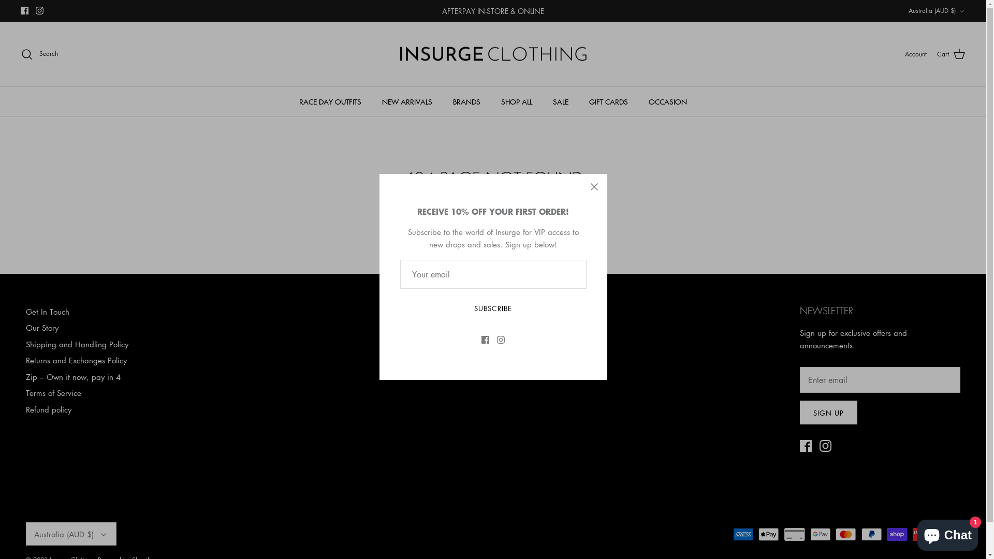 Image resolution: width=994 pixels, height=559 pixels. What do you see at coordinates (492, 308) in the screenshot?
I see `'SUBSCRIBE'` at bounding box center [492, 308].